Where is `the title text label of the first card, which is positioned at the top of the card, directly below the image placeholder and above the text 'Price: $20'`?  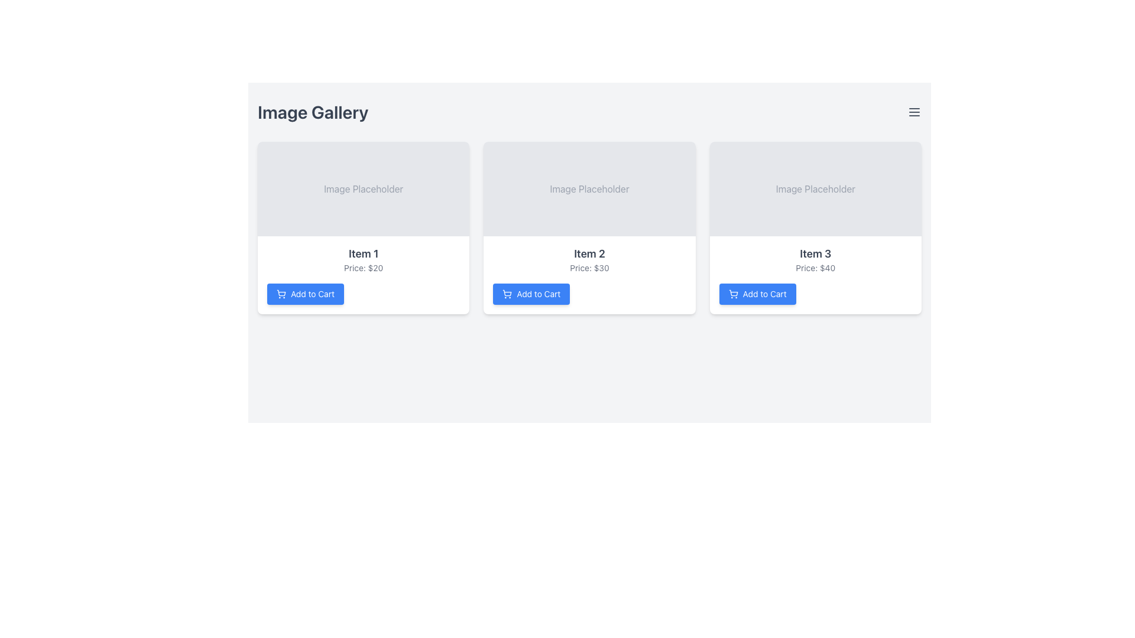 the title text label of the first card, which is positioned at the top of the card, directly below the image placeholder and above the text 'Price: $20' is located at coordinates (363, 253).